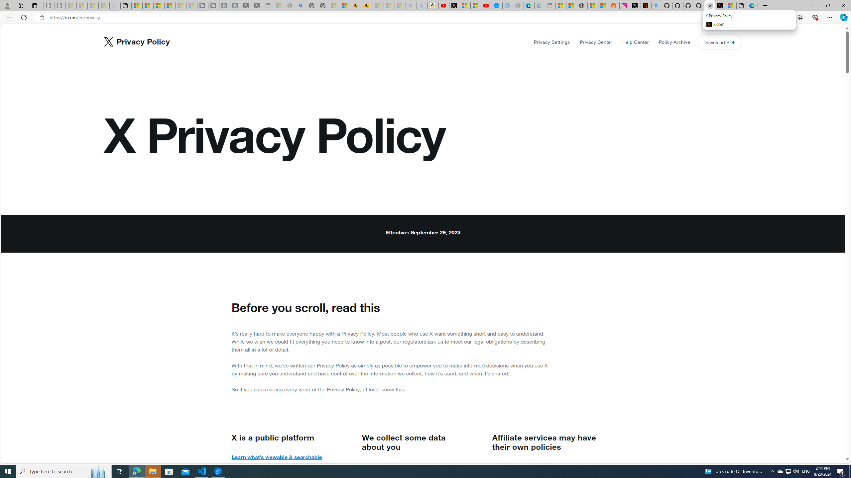  I want to click on 'Help Center', so click(635, 42).